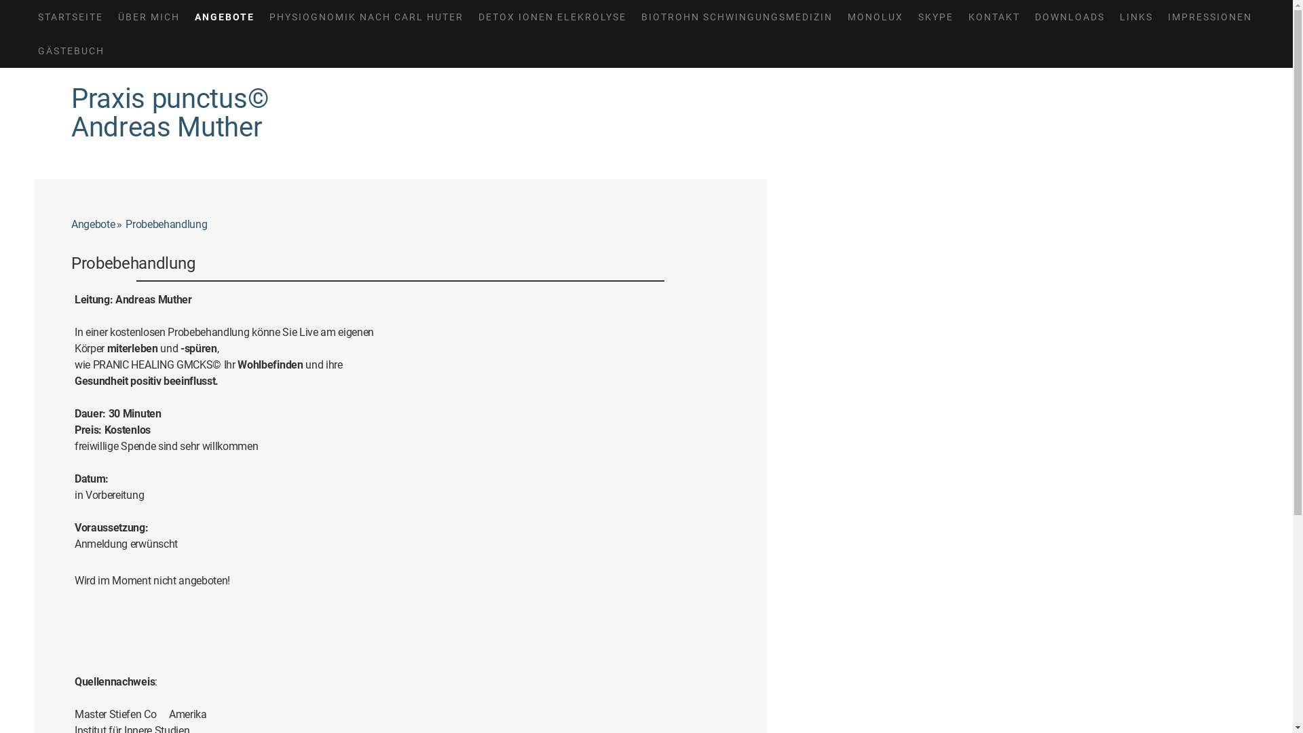 The height and width of the screenshot is (733, 1303). What do you see at coordinates (994, 16) in the screenshot?
I see `'KONTAKT'` at bounding box center [994, 16].